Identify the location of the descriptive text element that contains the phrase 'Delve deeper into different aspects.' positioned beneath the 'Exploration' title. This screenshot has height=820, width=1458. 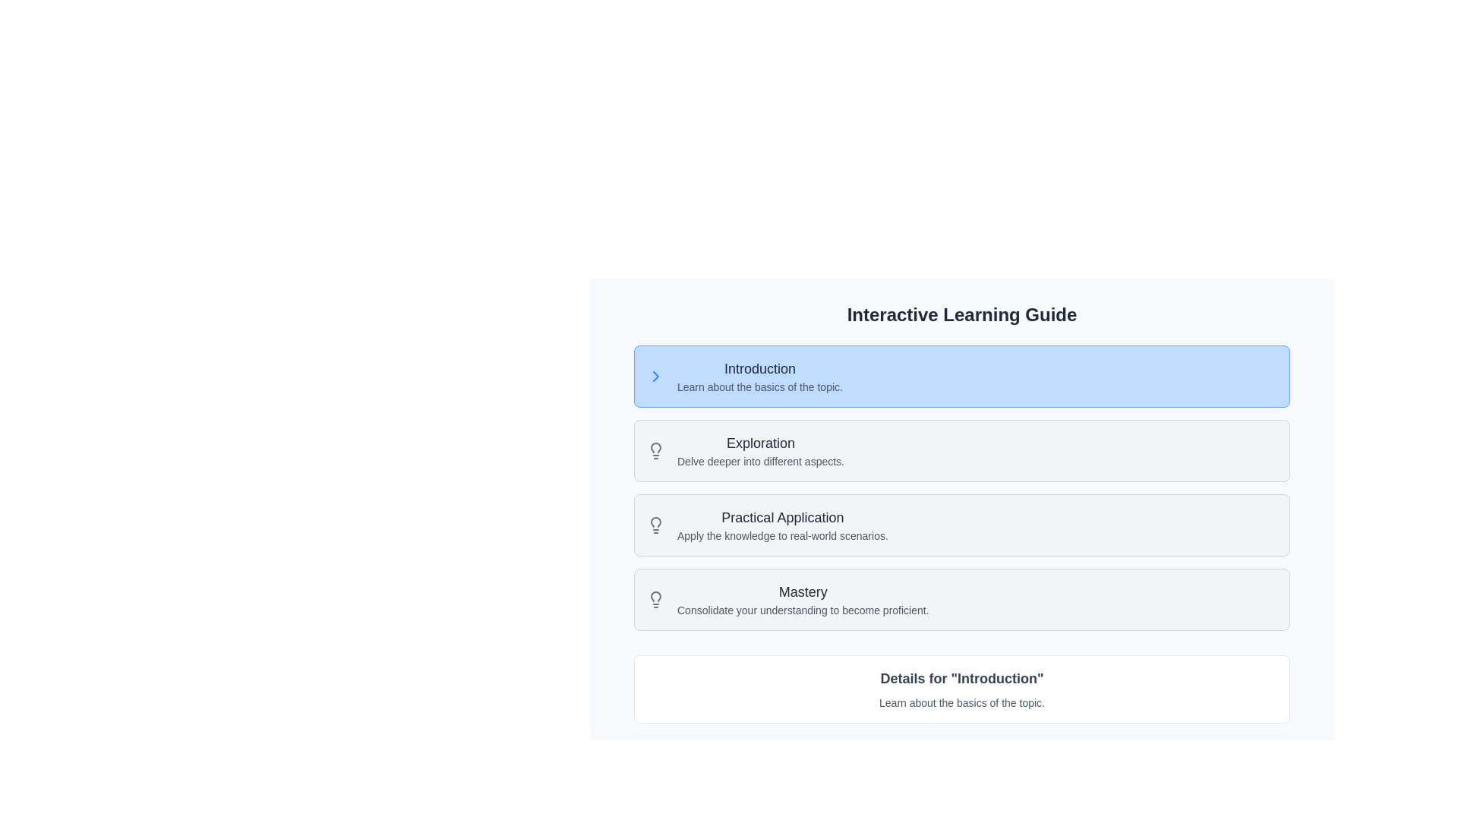
(761, 461).